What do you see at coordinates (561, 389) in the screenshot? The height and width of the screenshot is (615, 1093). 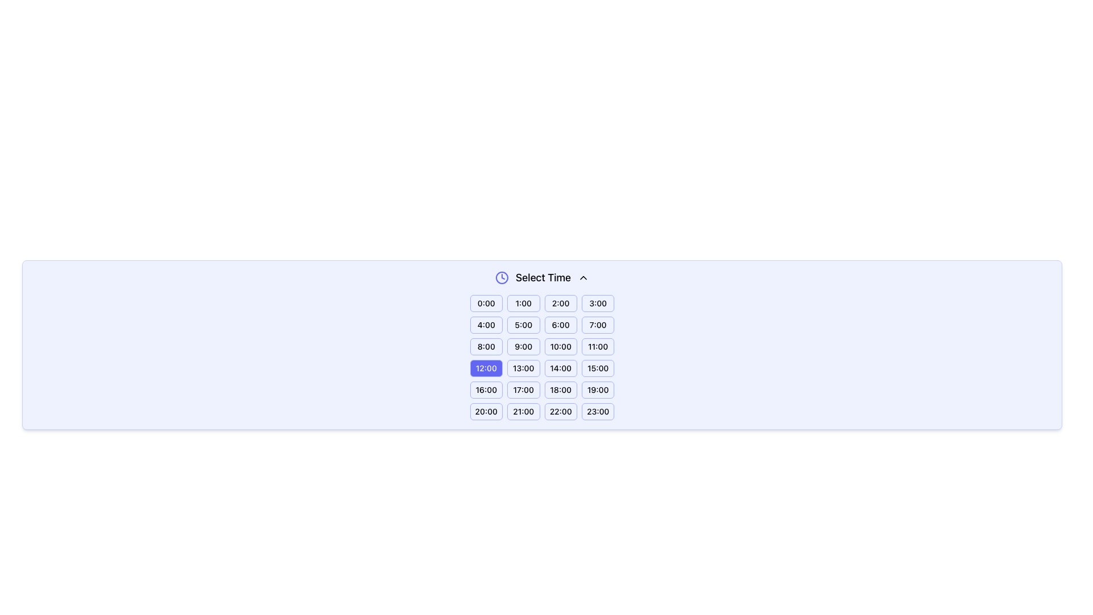 I see `the button labeled '18:00'` at bounding box center [561, 389].